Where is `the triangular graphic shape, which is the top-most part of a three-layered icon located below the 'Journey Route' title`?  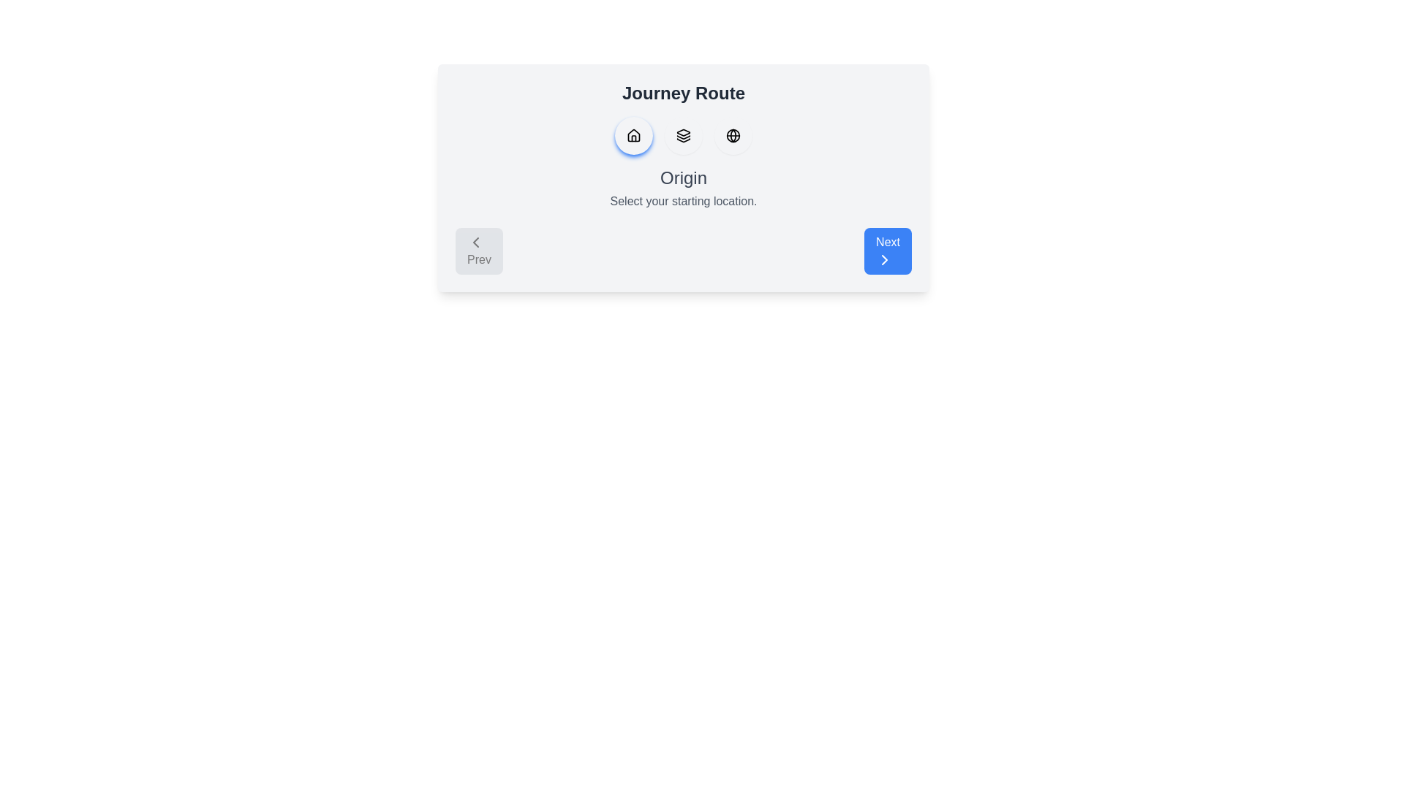
the triangular graphic shape, which is the top-most part of a three-layered icon located below the 'Journey Route' title is located at coordinates (683, 132).